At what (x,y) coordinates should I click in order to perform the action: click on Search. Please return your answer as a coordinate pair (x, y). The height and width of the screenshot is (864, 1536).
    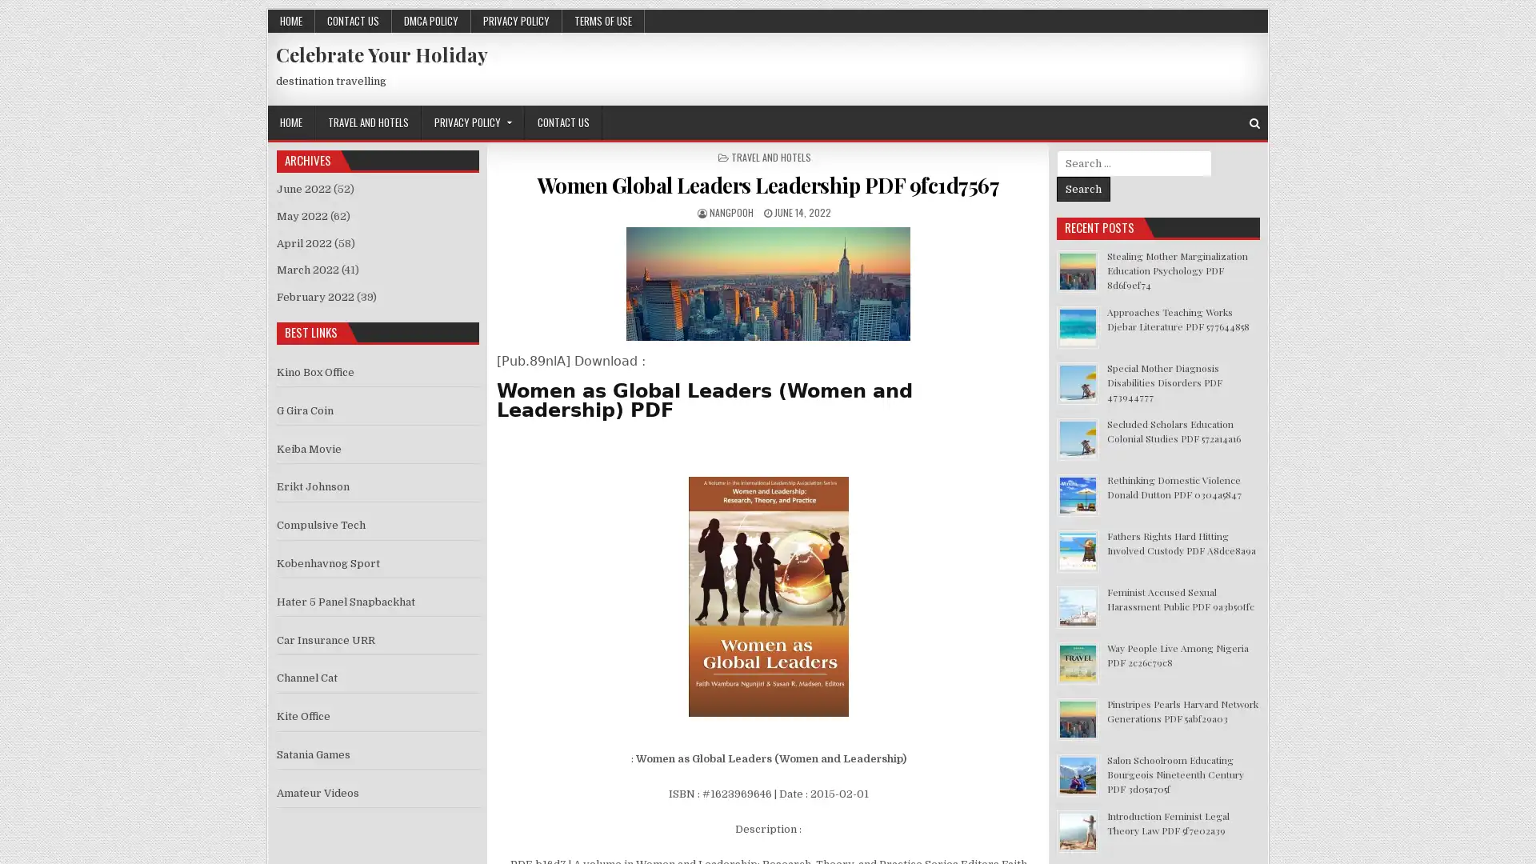
    Looking at the image, I should click on (1083, 188).